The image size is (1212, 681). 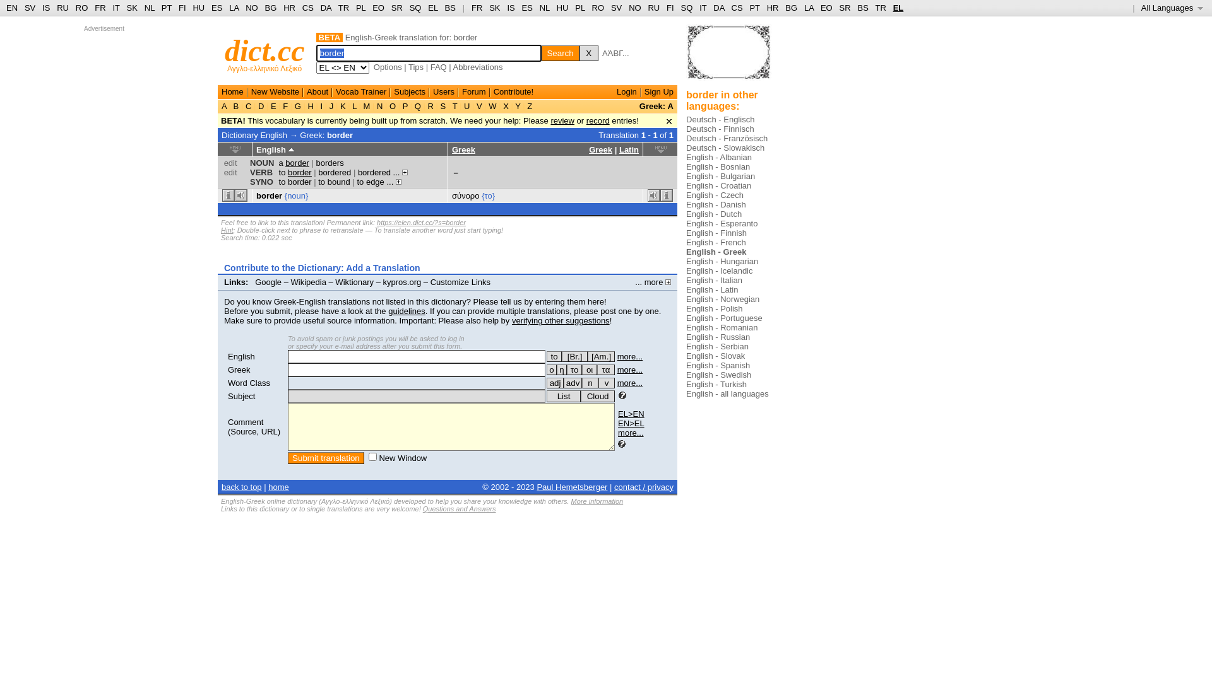 What do you see at coordinates (718, 8) in the screenshot?
I see `'DA'` at bounding box center [718, 8].